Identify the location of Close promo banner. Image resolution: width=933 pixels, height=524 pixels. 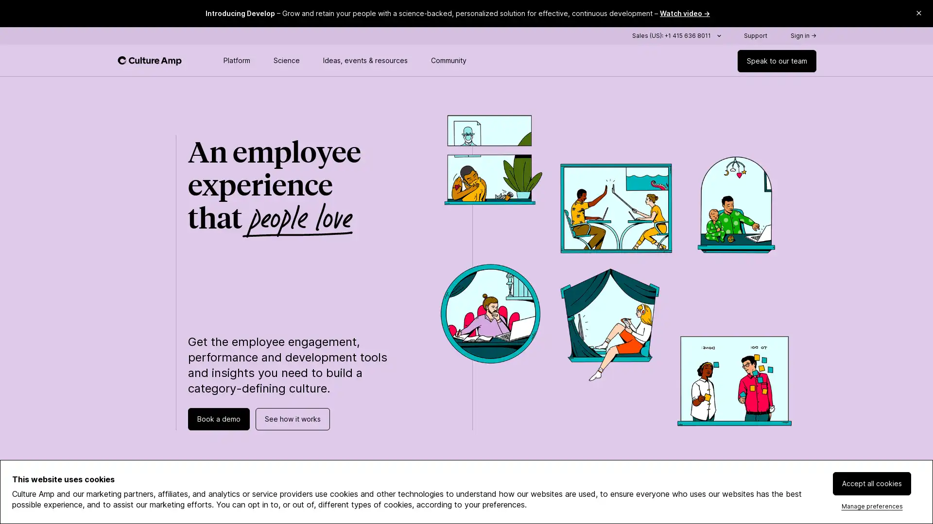
(918, 13).